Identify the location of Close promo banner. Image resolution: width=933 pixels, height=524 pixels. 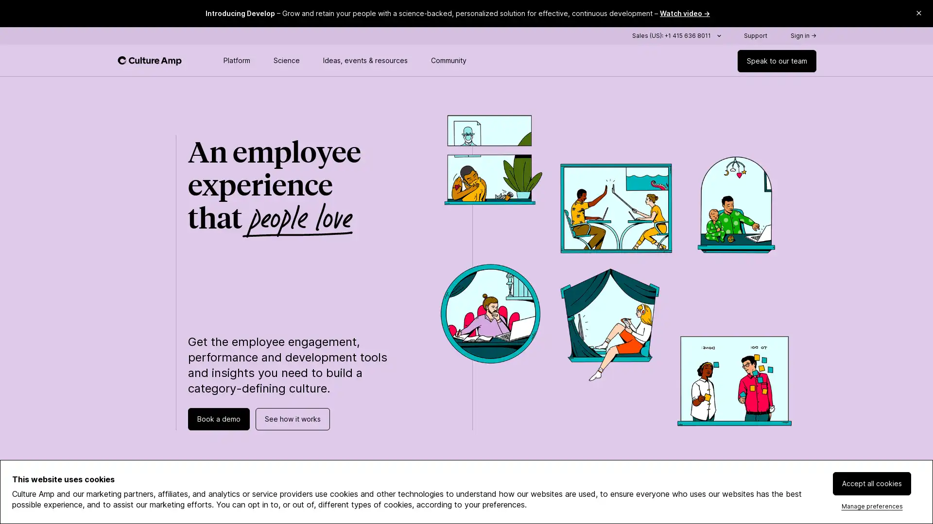
(918, 13).